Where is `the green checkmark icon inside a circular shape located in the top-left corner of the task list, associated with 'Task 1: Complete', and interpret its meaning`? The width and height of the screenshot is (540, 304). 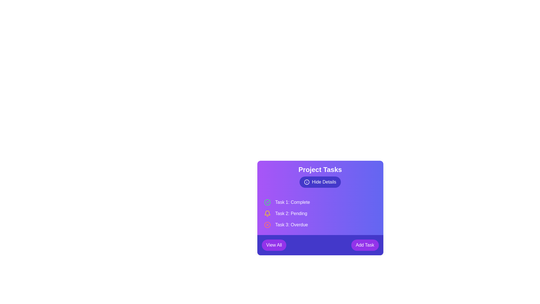
the green checkmark icon inside a circular shape located in the top-left corner of the task list, associated with 'Task 1: Complete', and interpret its meaning is located at coordinates (268, 201).